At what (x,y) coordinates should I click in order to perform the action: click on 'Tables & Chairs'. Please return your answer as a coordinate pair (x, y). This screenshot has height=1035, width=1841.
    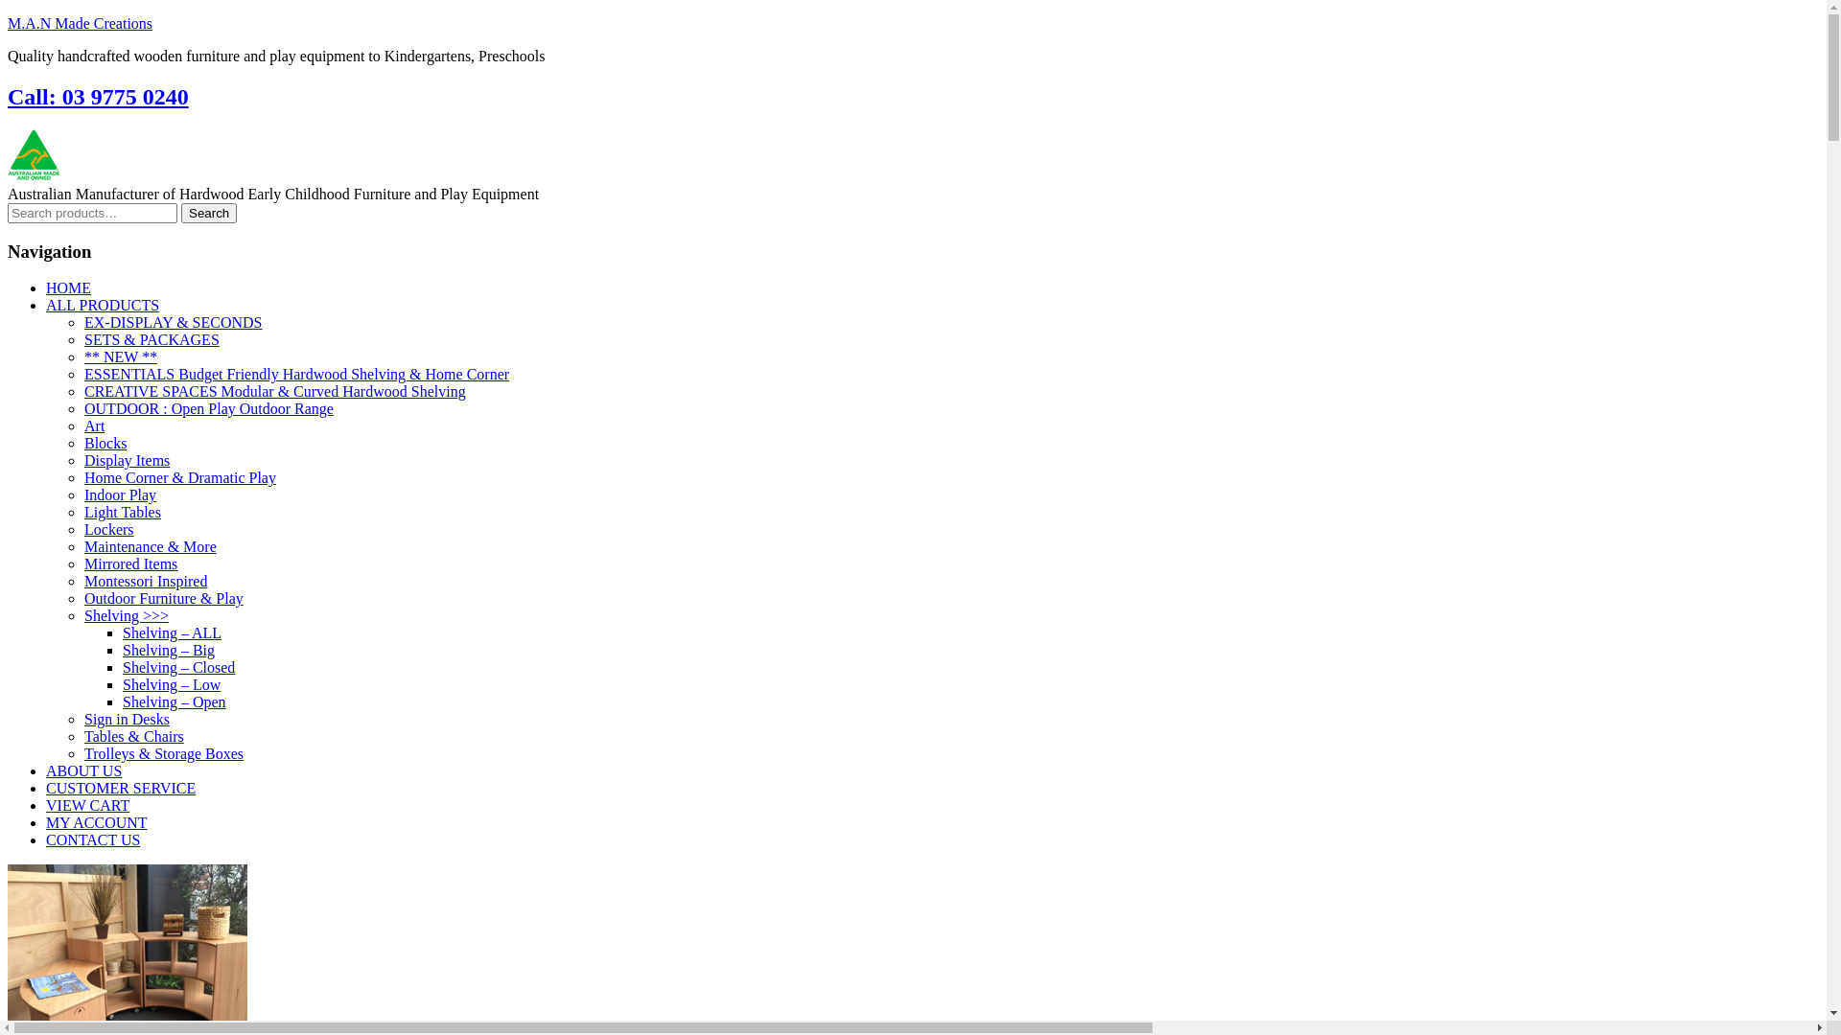
    Looking at the image, I should click on (82, 735).